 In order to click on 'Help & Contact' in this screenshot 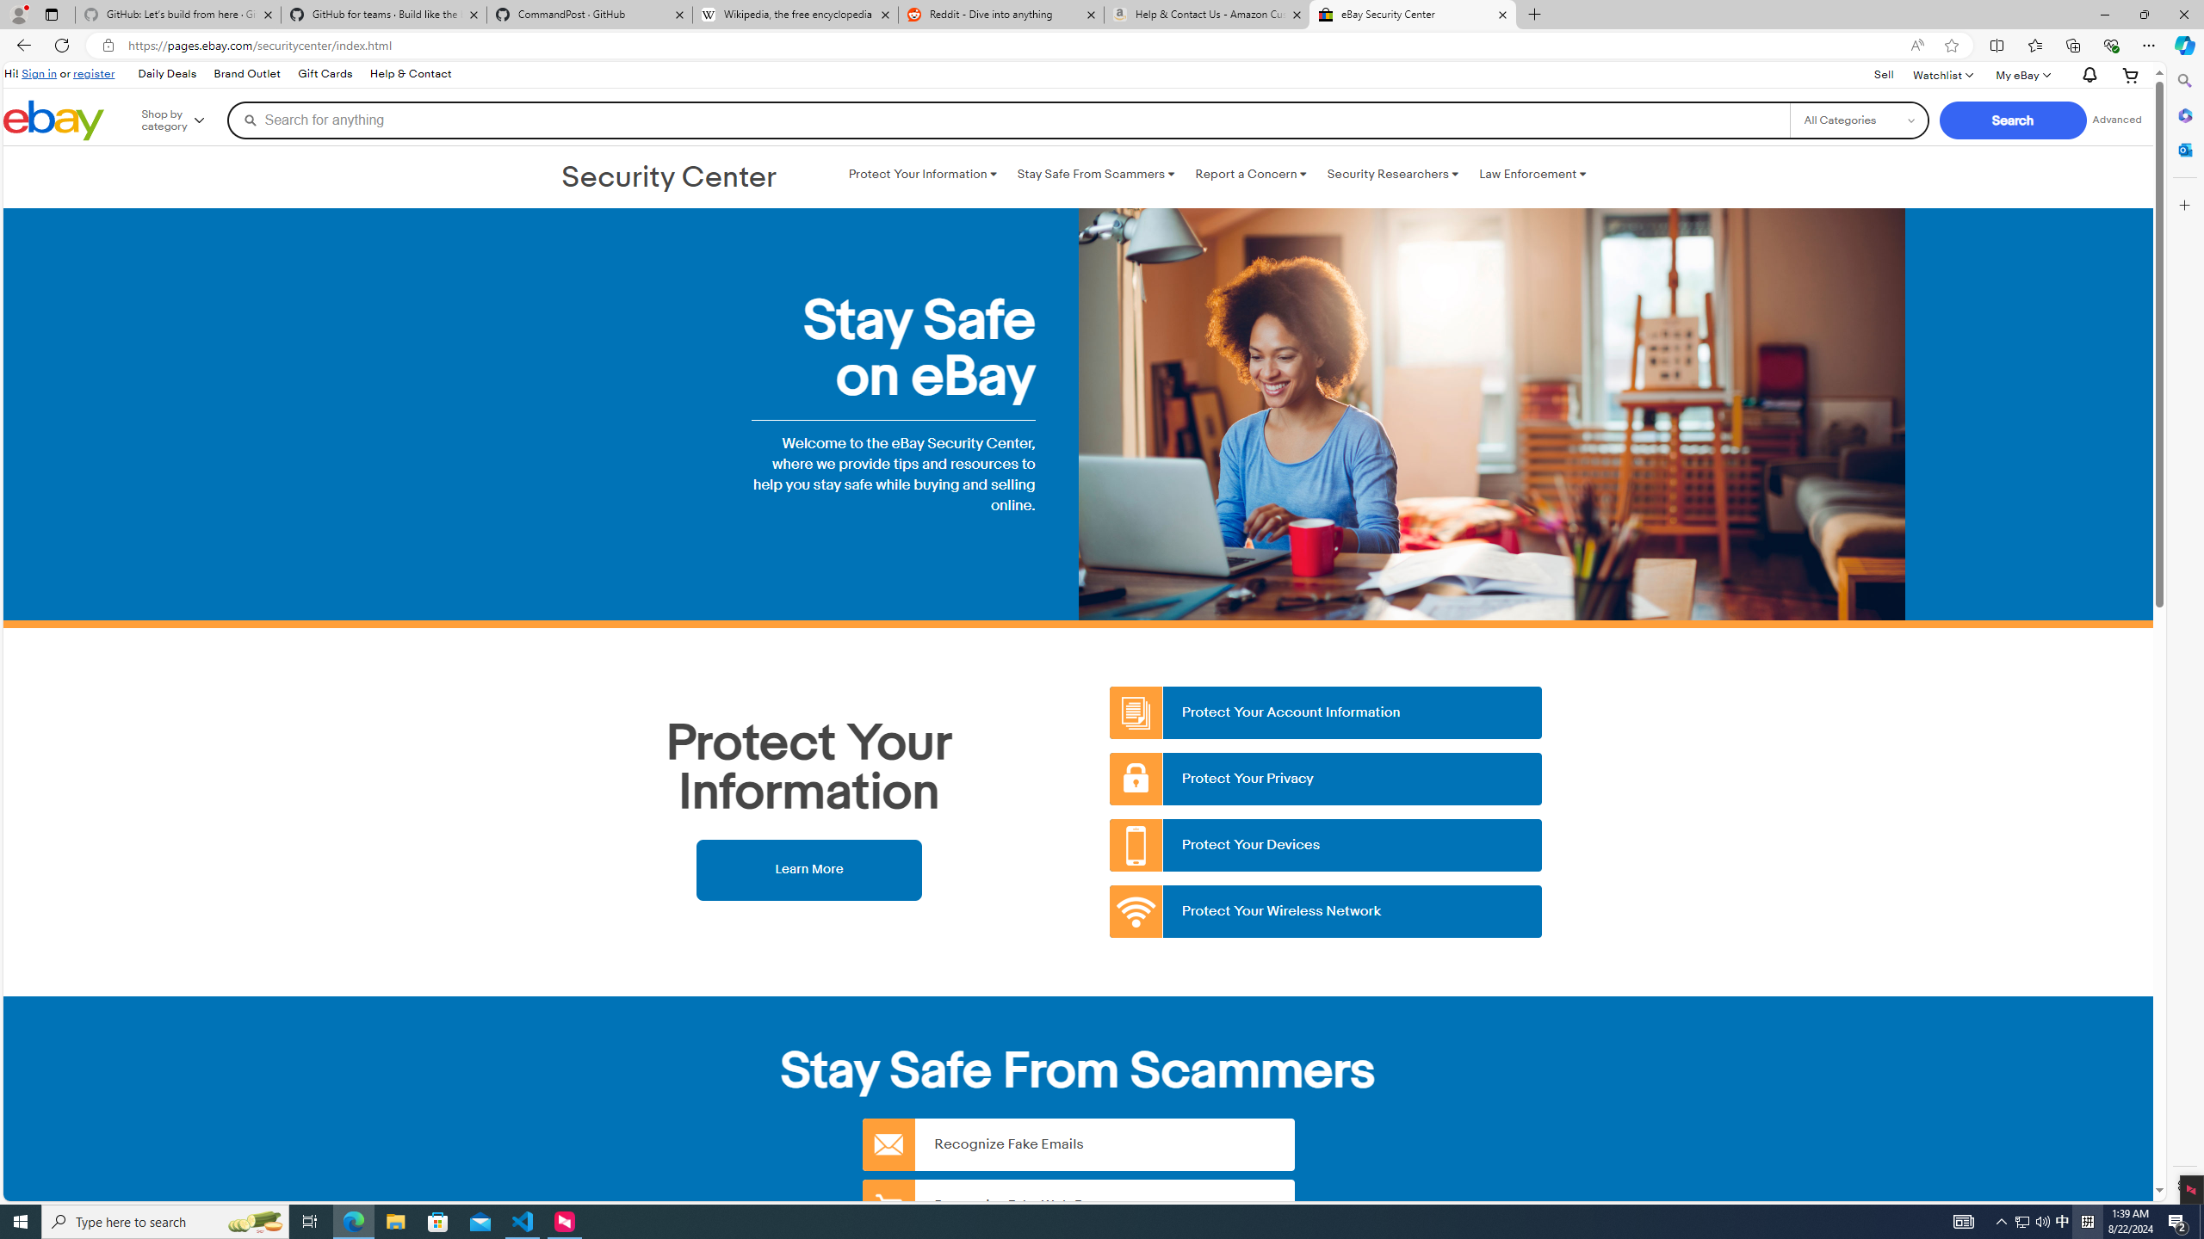, I will do `click(410, 75)`.